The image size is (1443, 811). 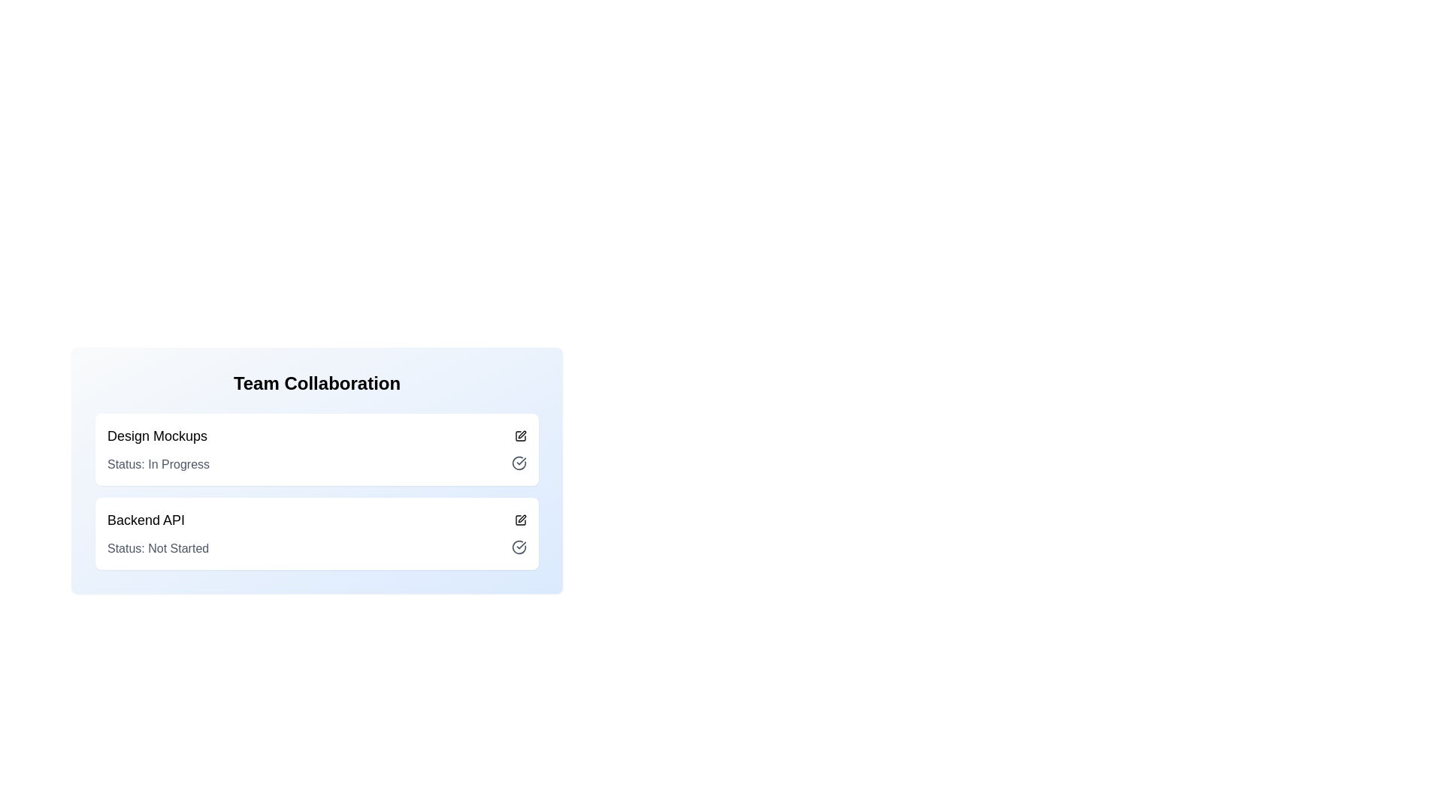 What do you see at coordinates (520, 520) in the screenshot?
I see `the edit button represented by a pen or pencil icon located to the right of the 'Backend API' text` at bounding box center [520, 520].